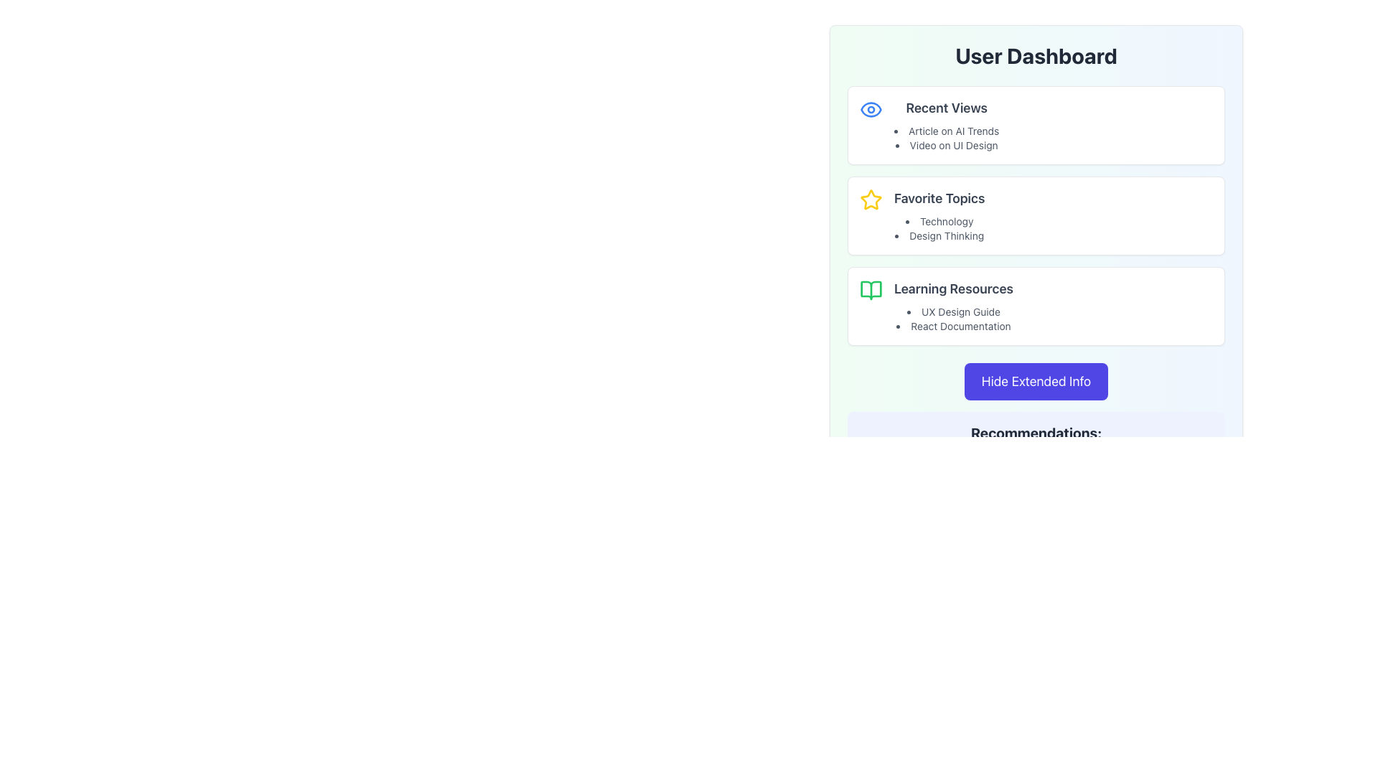 The image size is (1378, 775). I want to click on the green open book icon located in the 'Learning Resources' section of the User Dashboard, so click(871, 291).